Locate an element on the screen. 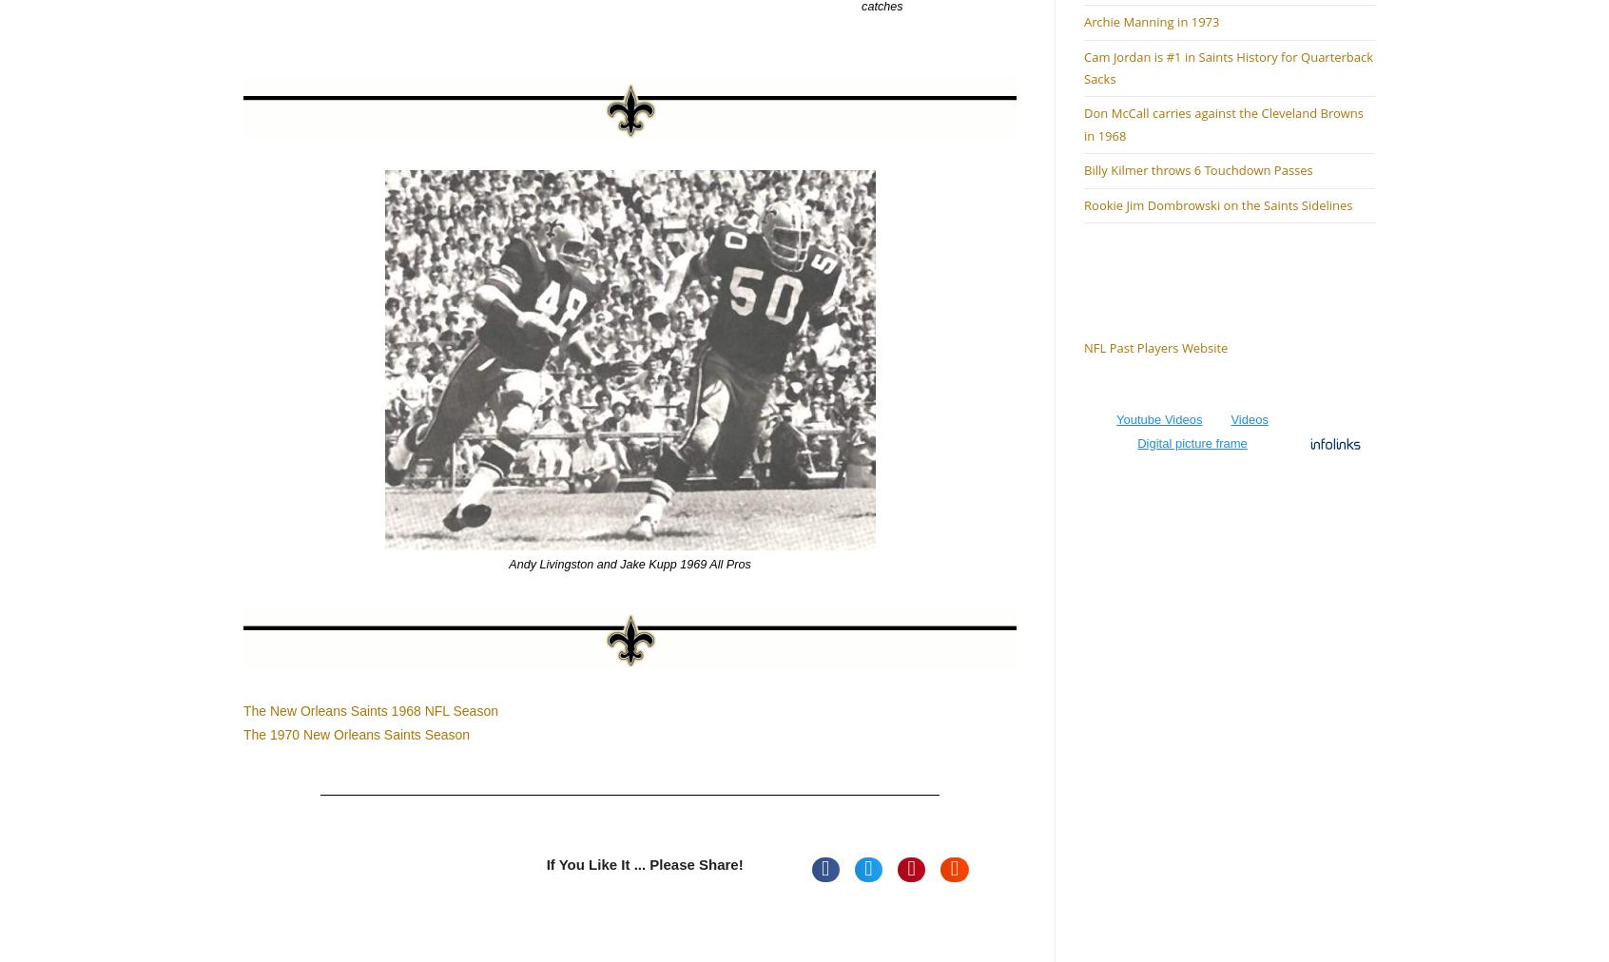 The height and width of the screenshot is (962, 1609). 'The New Orleans Saints 1968 NFL Season' is located at coordinates (370, 710).